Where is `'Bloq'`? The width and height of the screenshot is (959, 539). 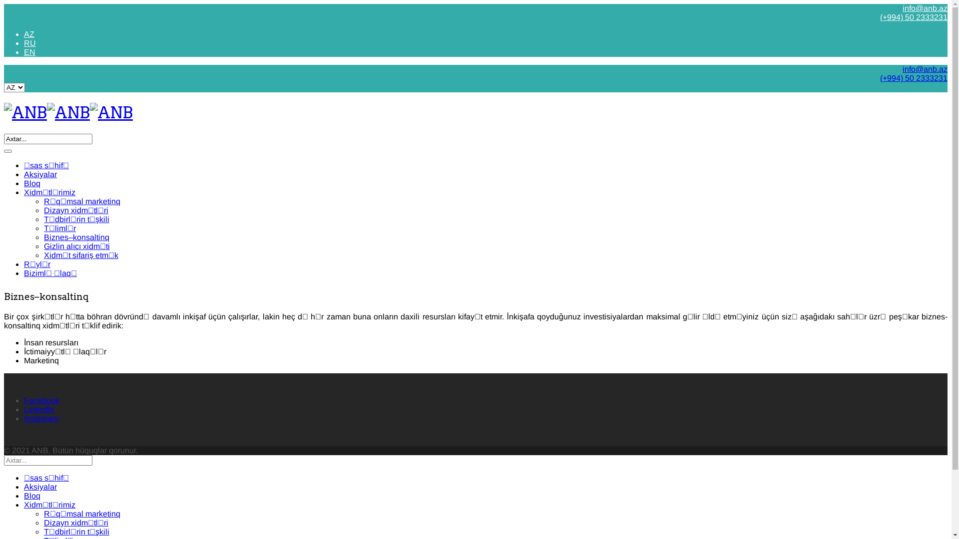 'Bloq' is located at coordinates (32, 496).